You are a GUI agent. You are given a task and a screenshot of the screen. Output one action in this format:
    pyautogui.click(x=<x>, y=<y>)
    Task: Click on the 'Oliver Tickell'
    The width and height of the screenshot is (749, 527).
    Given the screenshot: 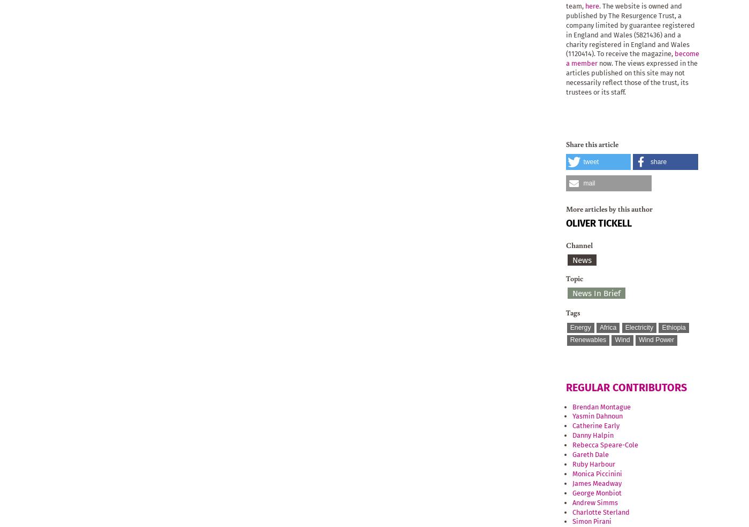 What is the action you would take?
    pyautogui.click(x=598, y=223)
    